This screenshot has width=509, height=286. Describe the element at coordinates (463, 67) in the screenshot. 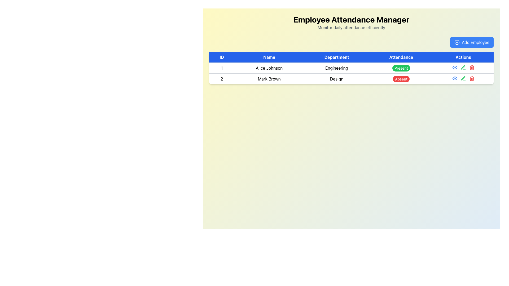

I see `the editing button in the 'Actions' column for 'Mark Brown' to observe the color change` at that location.